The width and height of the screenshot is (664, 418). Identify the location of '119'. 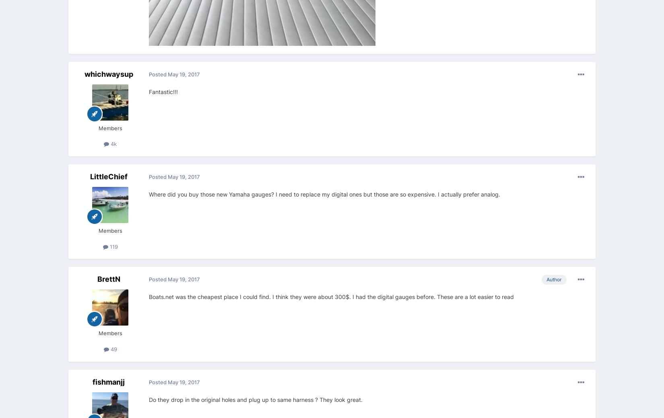
(113, 246).